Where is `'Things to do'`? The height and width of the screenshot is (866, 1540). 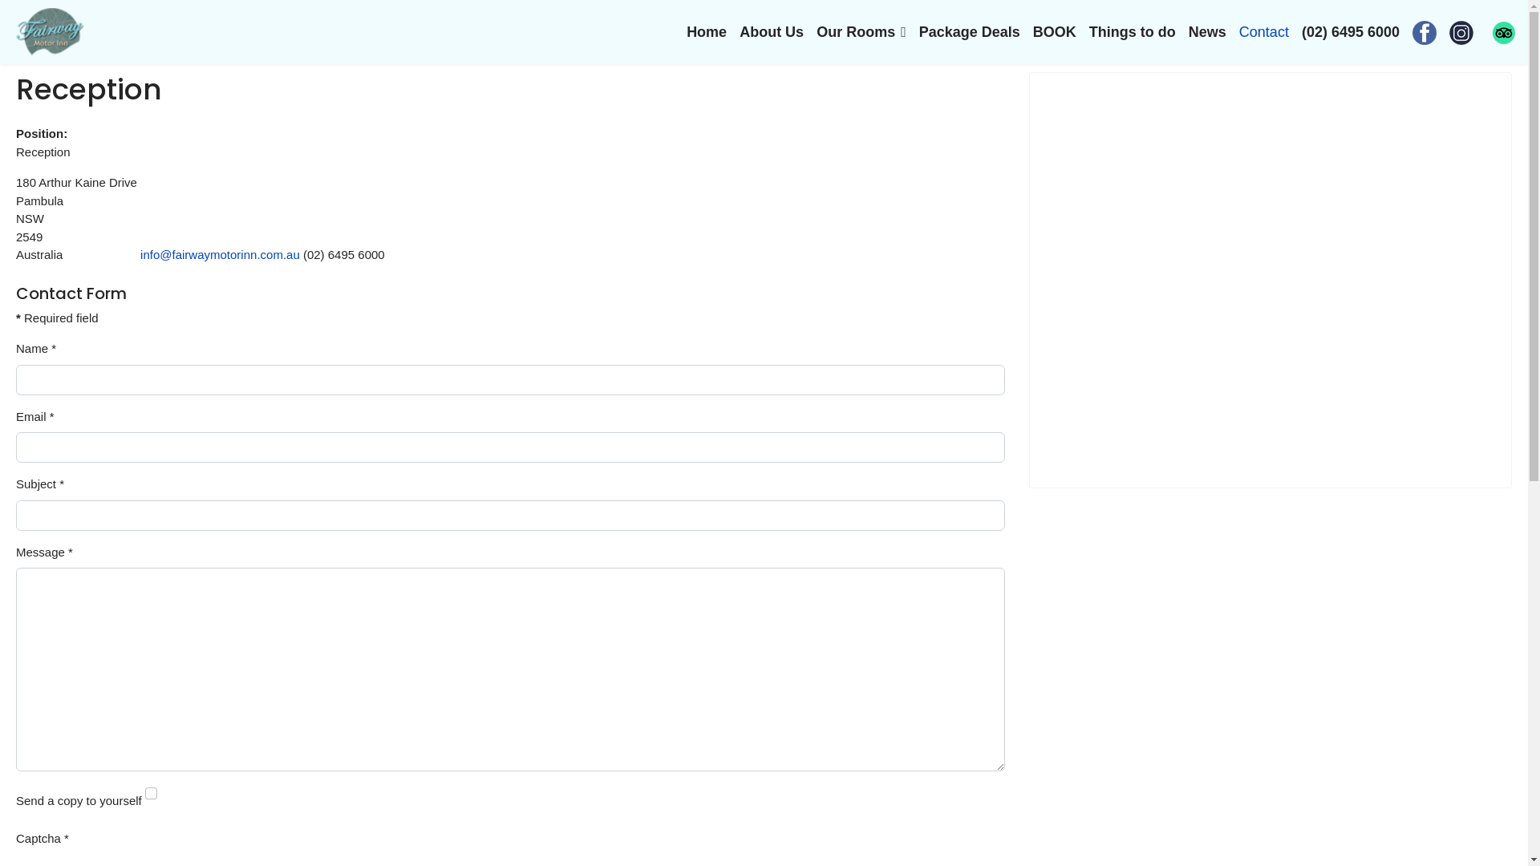
'Things to do' is located at coordinates (1082, 31).